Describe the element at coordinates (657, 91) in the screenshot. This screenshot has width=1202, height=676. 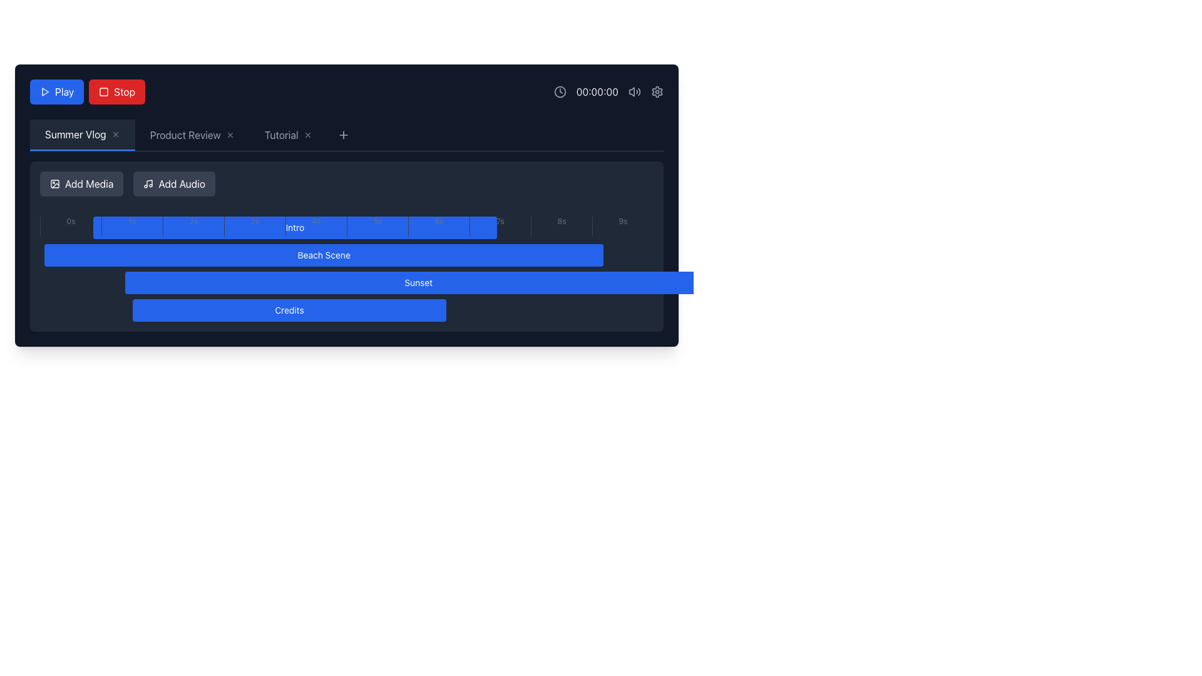
I see `the dark gray gear icon located in the top-right corner of the interface, adjacent to the digital clock display showing '00:00:00'` at that location.